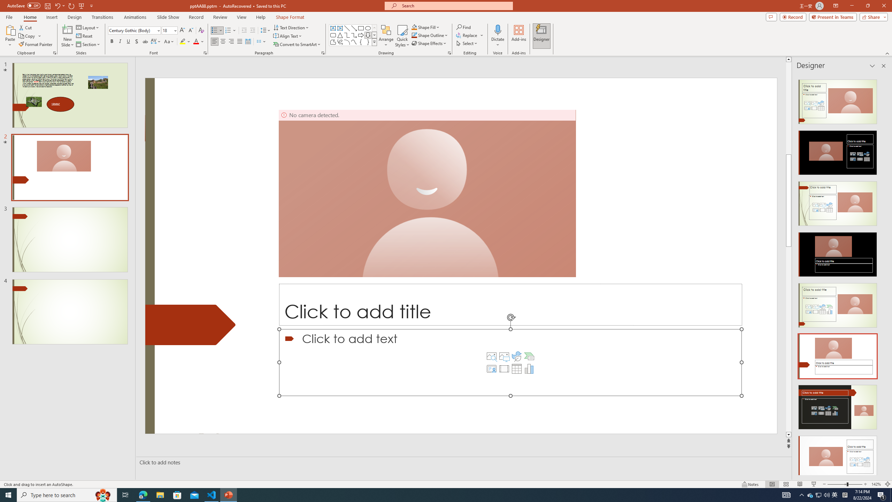  I want to click on 'Home', so click(30, 17).